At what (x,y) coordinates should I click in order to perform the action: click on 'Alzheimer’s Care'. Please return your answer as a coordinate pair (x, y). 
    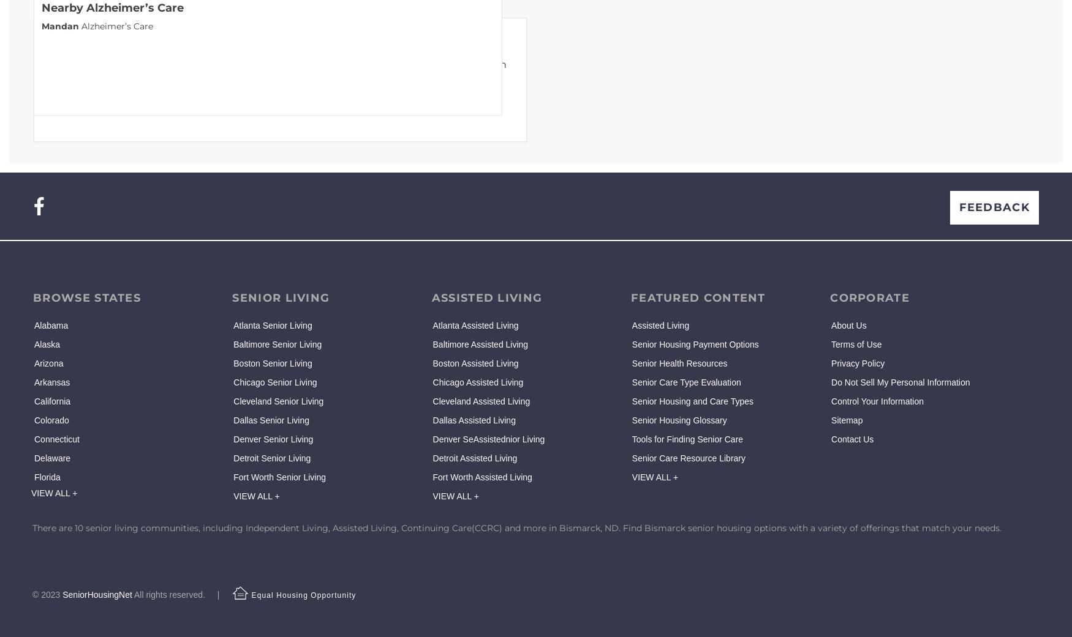
    Looking at the image, I should click on (78, 25).